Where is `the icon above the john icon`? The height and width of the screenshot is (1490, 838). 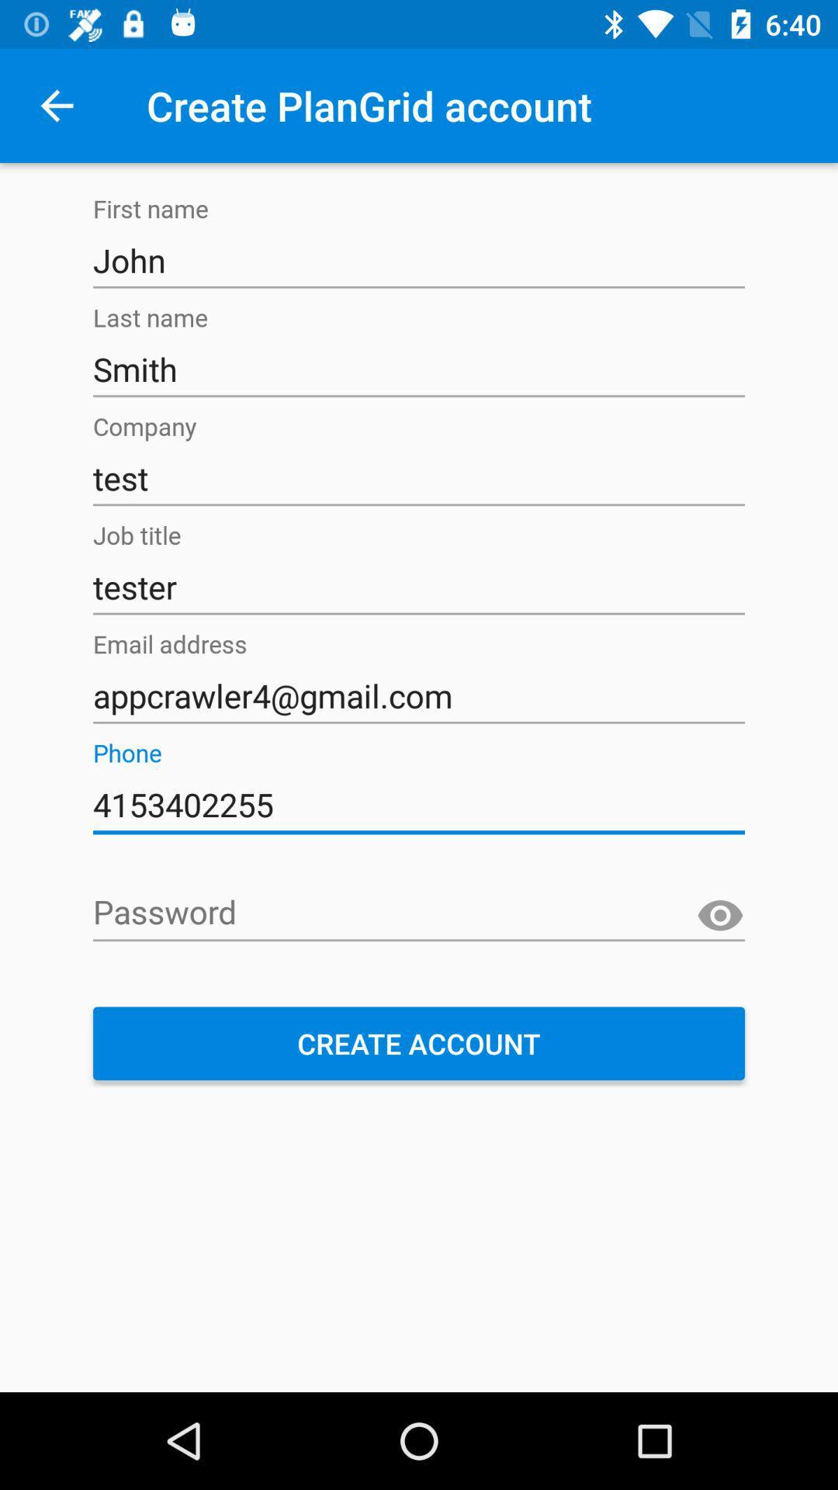 the icon above the john icon is located at coordinates (56, 105).